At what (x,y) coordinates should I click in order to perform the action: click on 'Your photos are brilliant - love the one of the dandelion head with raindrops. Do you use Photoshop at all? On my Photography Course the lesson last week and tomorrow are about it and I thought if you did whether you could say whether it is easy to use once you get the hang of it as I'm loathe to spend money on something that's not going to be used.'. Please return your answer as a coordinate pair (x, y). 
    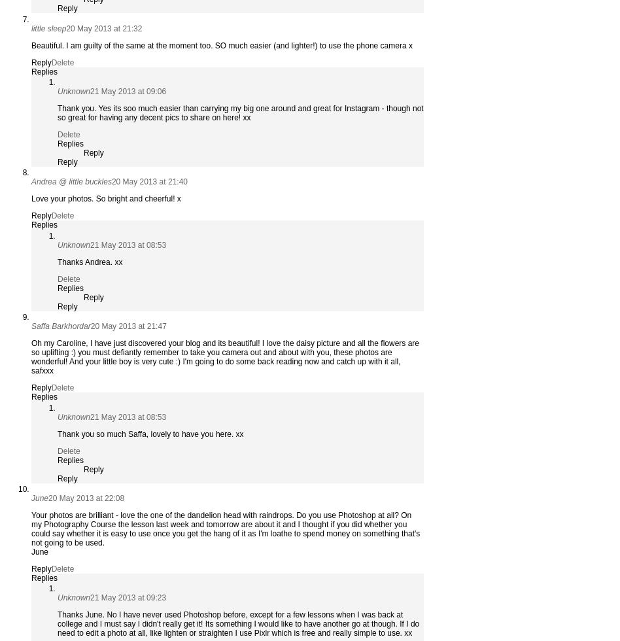
    Looking at the image, I should click on (31, 528).